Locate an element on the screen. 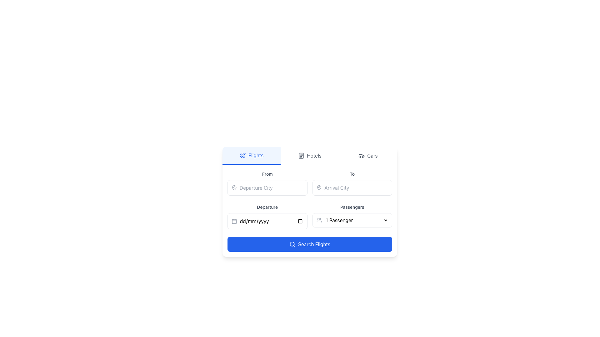  the stylized blue airplane icon located under the 'Flights' tab in the navigation bar is located at coordinates (242, 155).